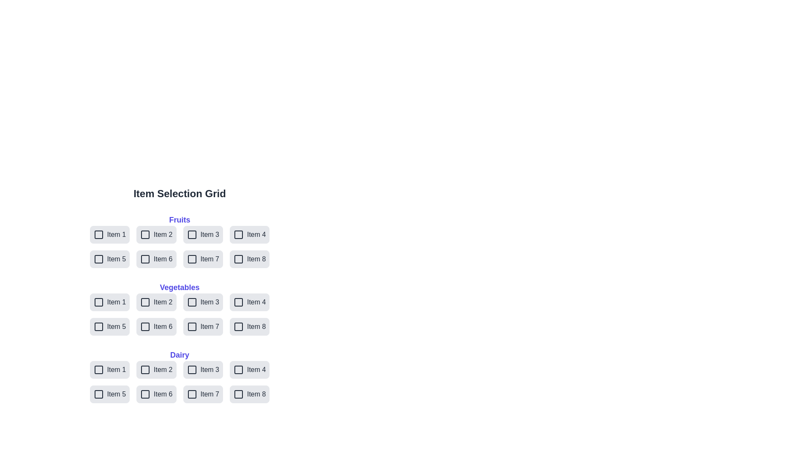 The width and height of the screenshot is (811, 456). I want to click on the category Dairy to interact with it, so click(179, 355).